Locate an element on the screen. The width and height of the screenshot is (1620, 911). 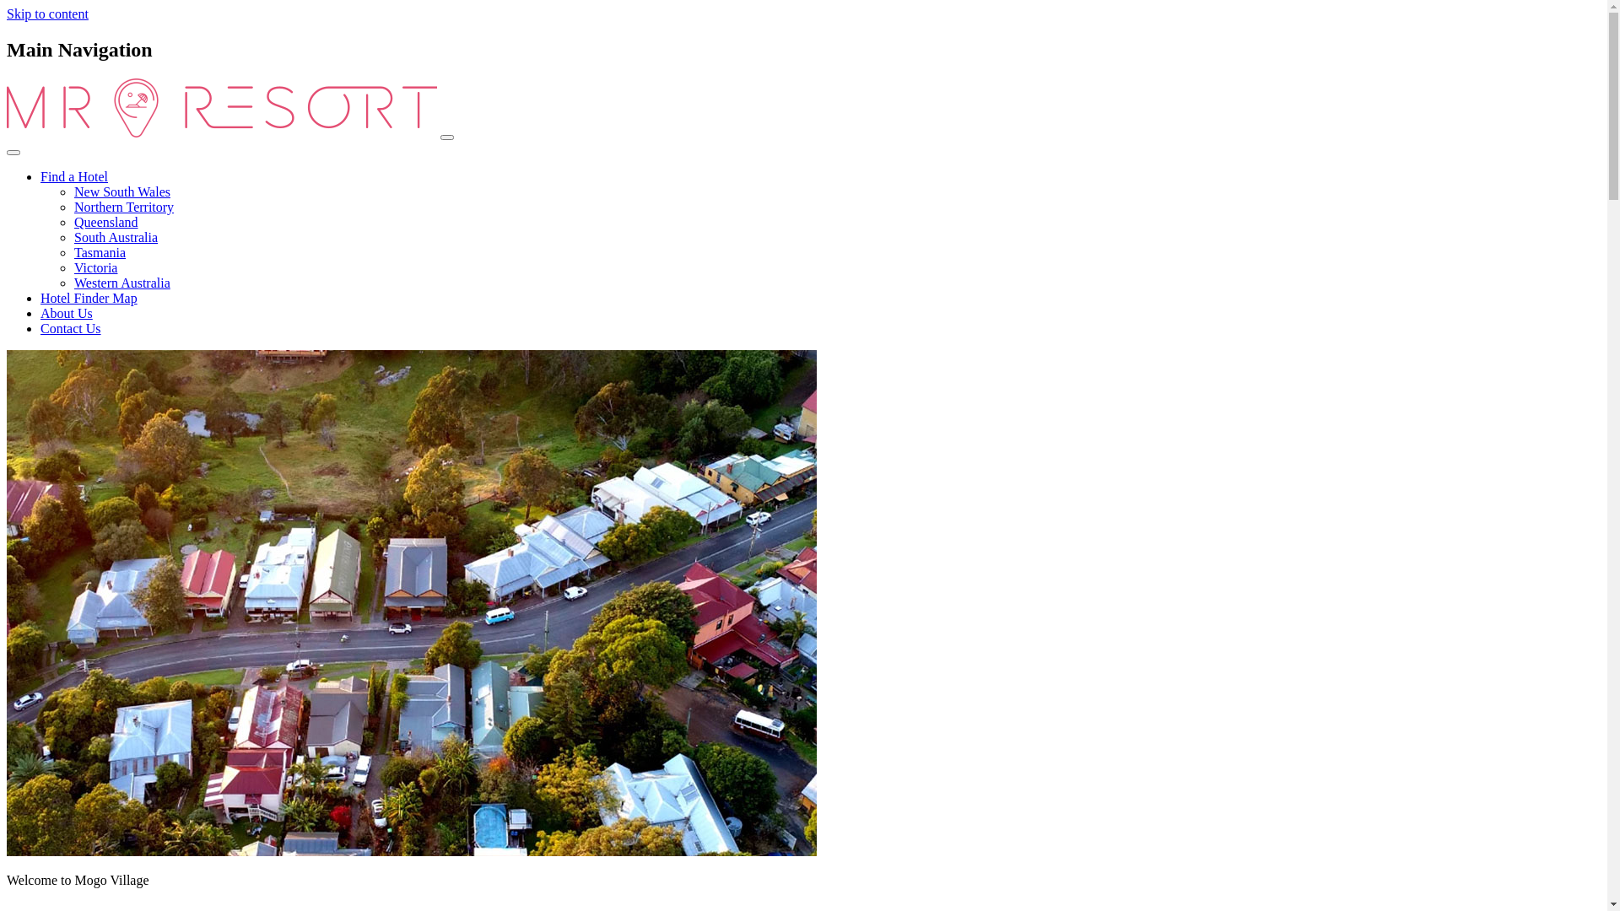
'Contact Us' is located at coordinates (69, 328).